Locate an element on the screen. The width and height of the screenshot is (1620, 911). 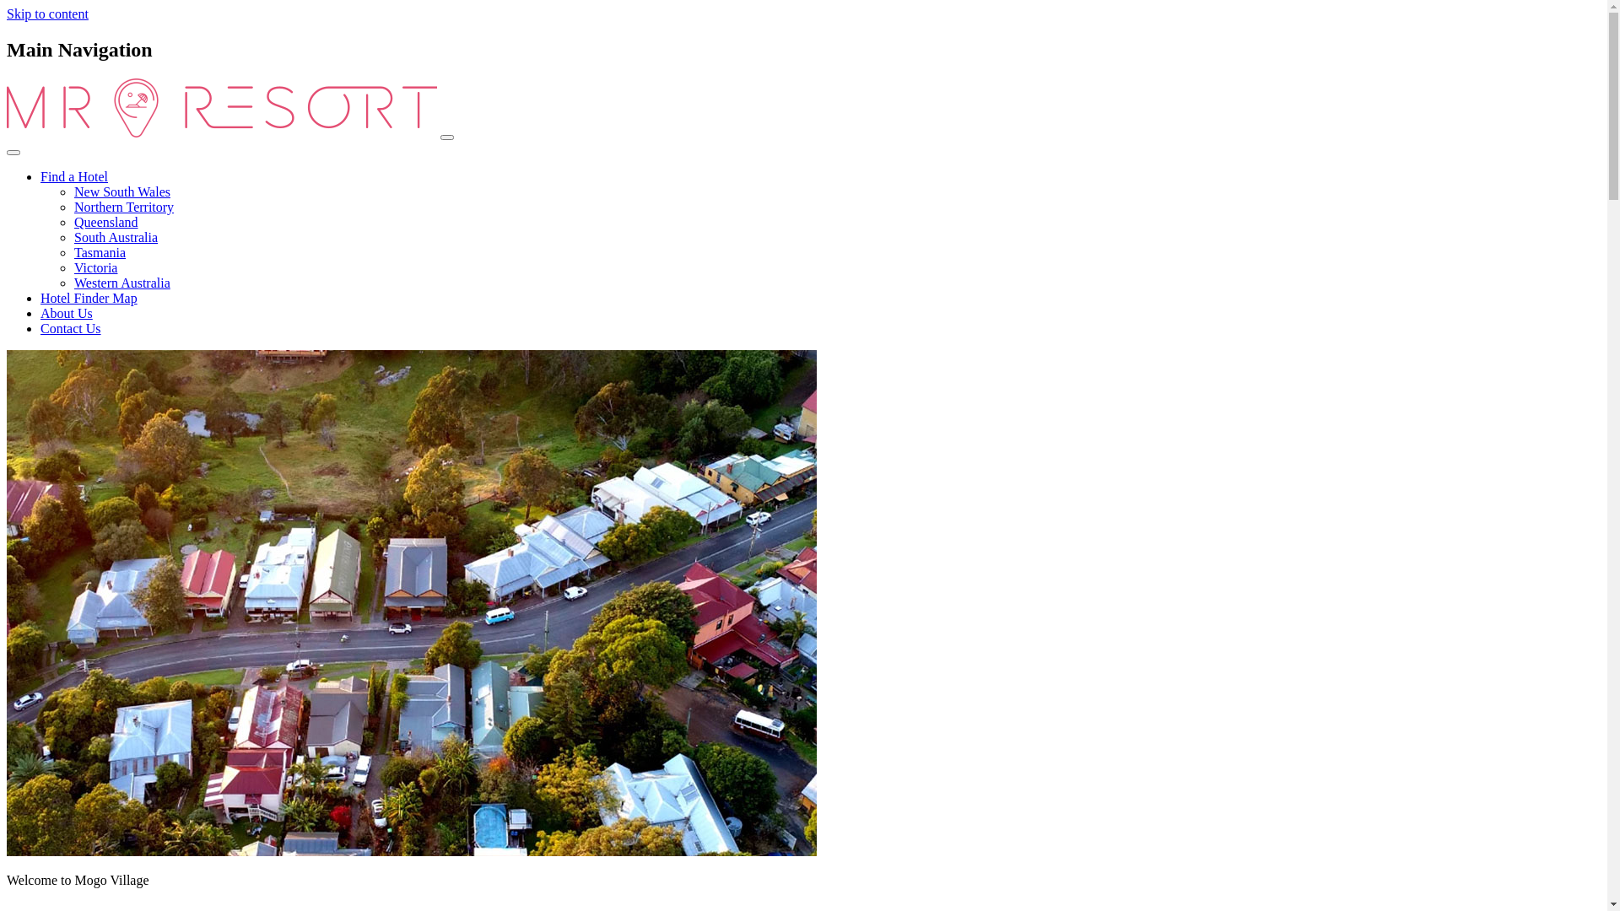
'Contact Us' is located at coordinates (69, 328).